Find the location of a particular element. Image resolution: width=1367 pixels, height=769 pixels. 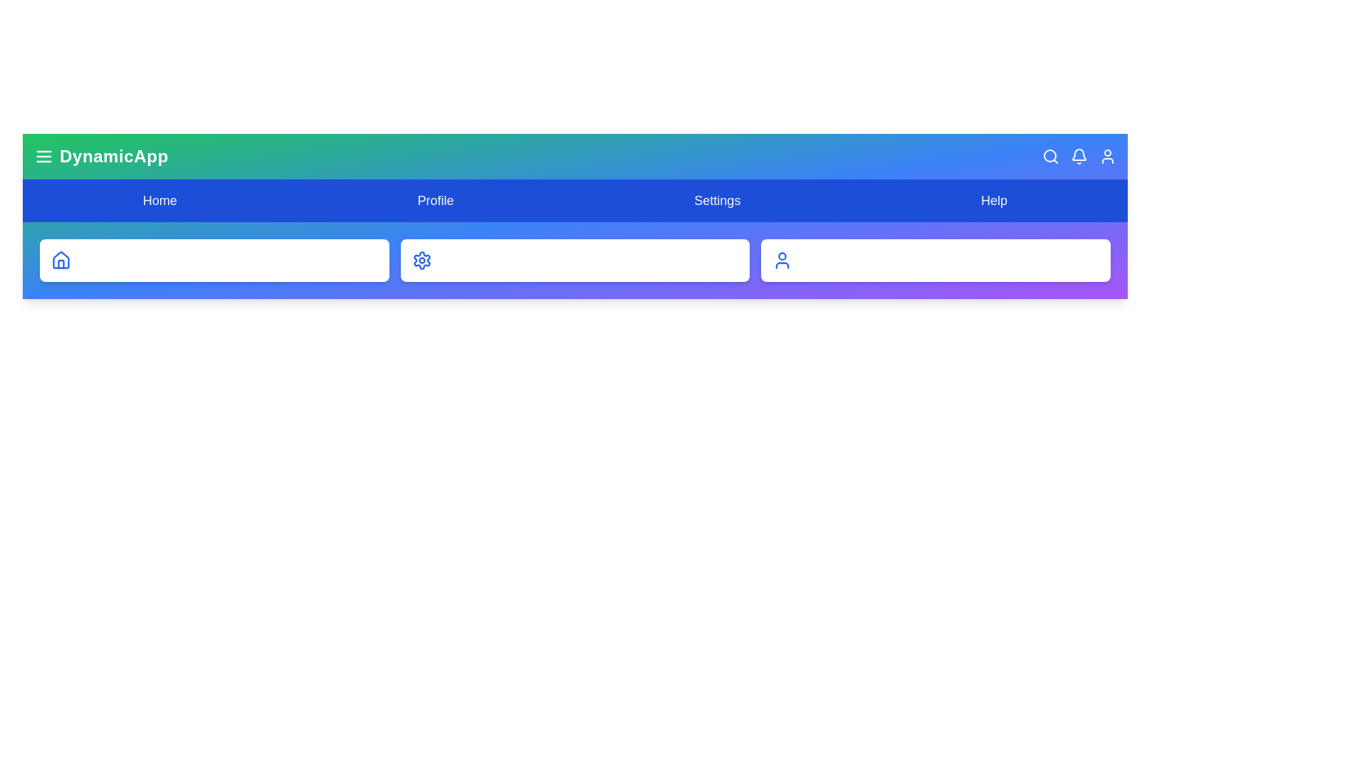

the Settings navigation item to navigate to the corresponding section is located at coordinates (717, 200).